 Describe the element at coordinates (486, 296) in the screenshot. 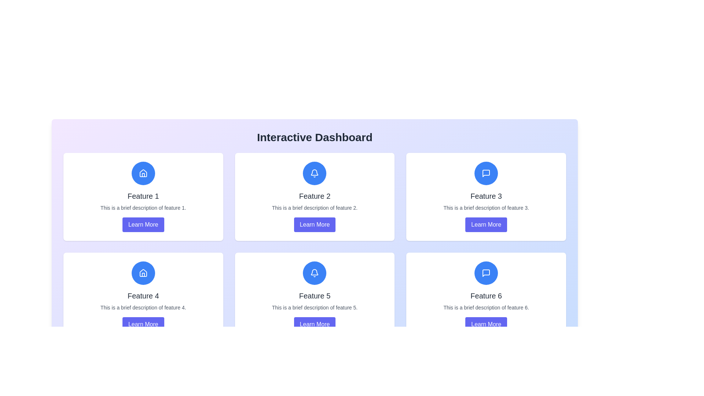

I see `the sixth feature card in the grid layout` at that location.